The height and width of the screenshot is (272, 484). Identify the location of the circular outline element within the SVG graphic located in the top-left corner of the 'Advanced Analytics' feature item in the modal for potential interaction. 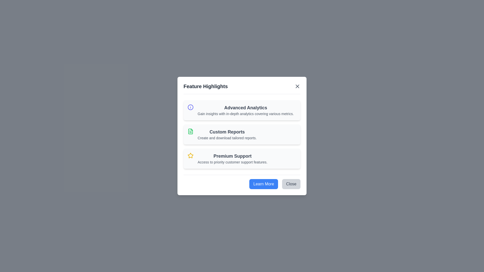
(190, 107).